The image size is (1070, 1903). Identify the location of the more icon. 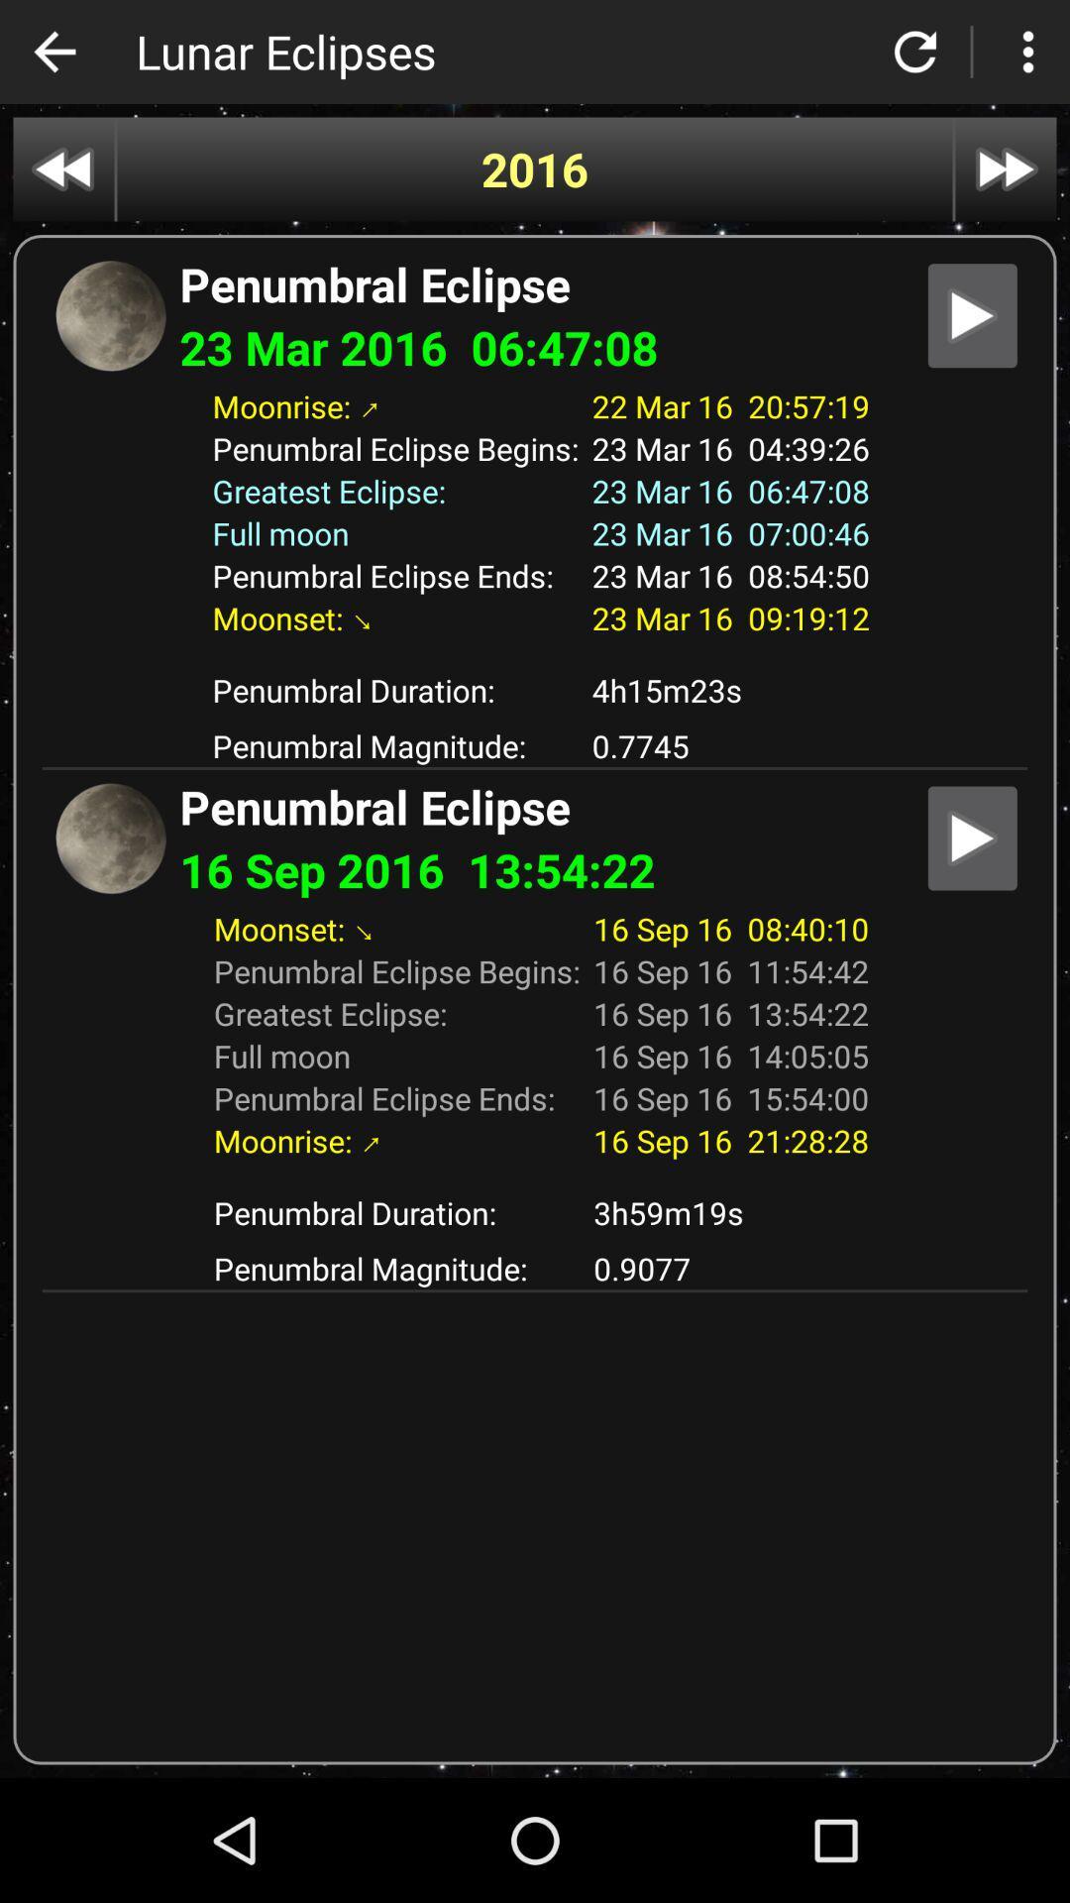
(1026, 52).